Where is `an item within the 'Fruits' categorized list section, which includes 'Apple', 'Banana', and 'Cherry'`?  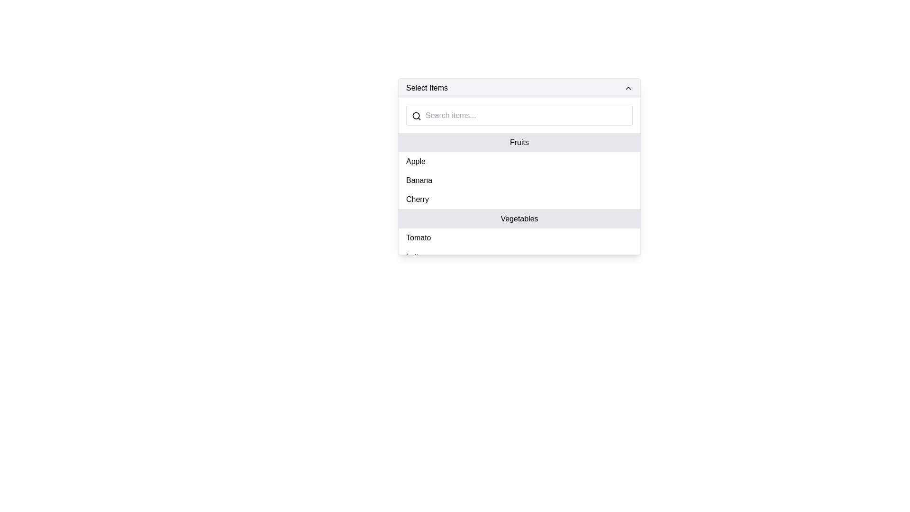 an item within the 'Fruits' categorized list section, which includes 'Apple', 'Banana', and 'Cherry' is located at coordinates (519, 171).